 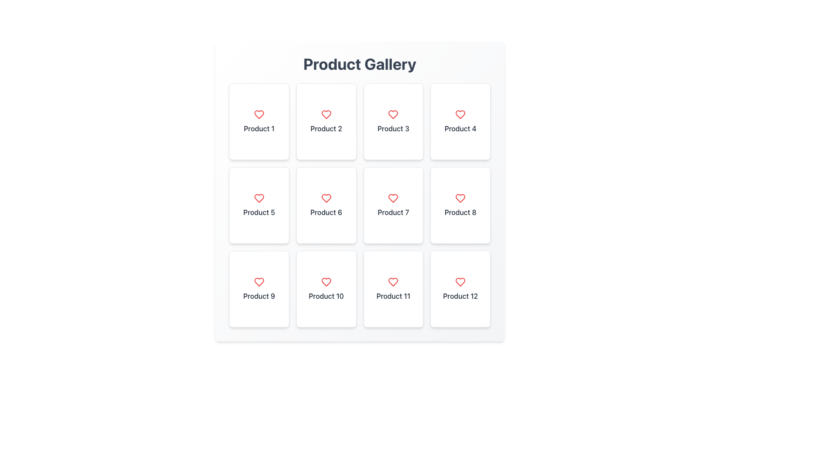 What do you see at coordinates (460, 295) in the screenshot?
I see `the text label located in the bottom-right card of the grid layout, which is centered horizontally below a red heart icon` at bounding box center [460, 295].